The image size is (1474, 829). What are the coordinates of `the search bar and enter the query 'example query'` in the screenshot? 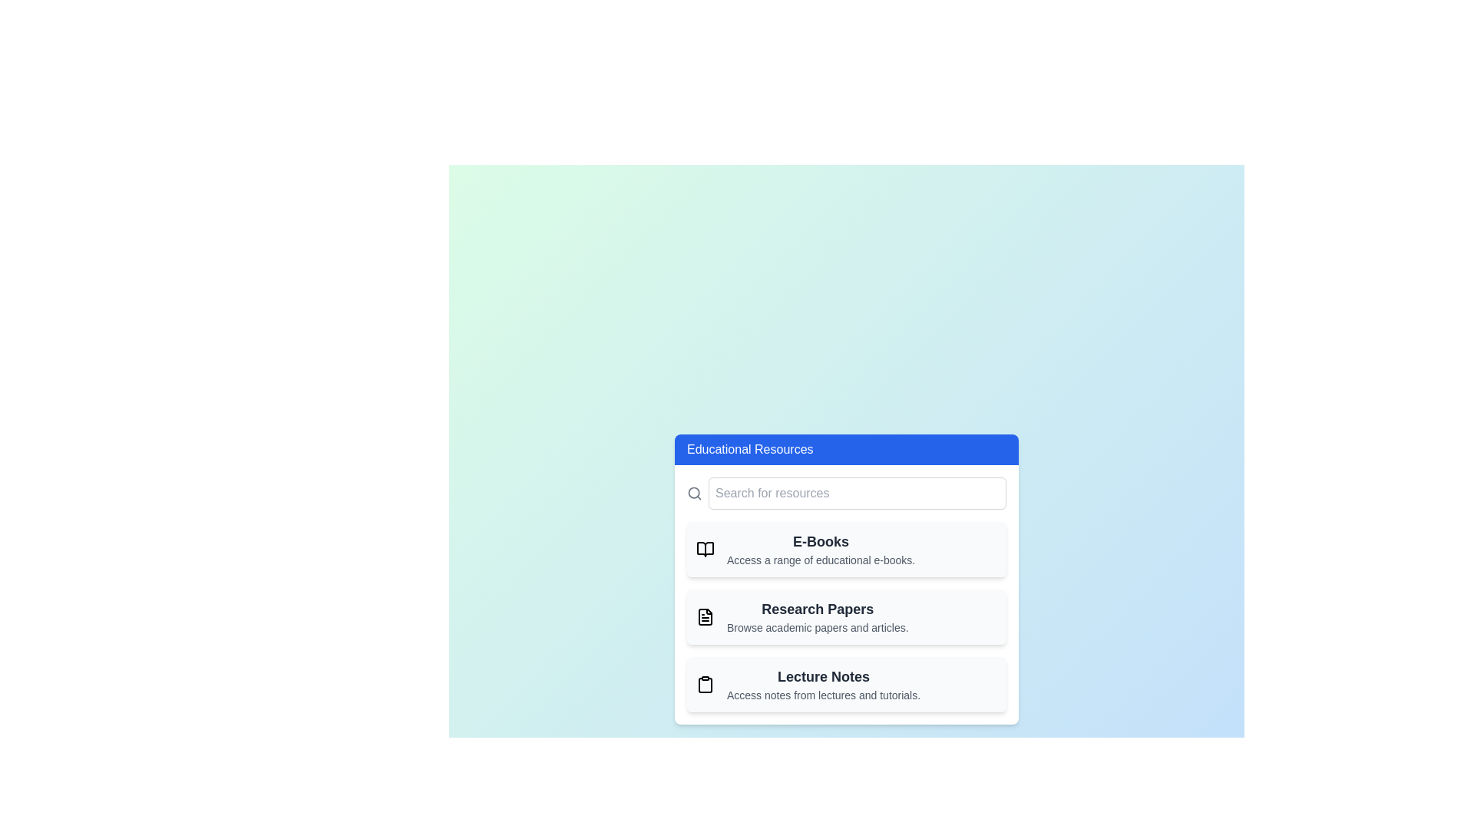 It's located at (857, 494).